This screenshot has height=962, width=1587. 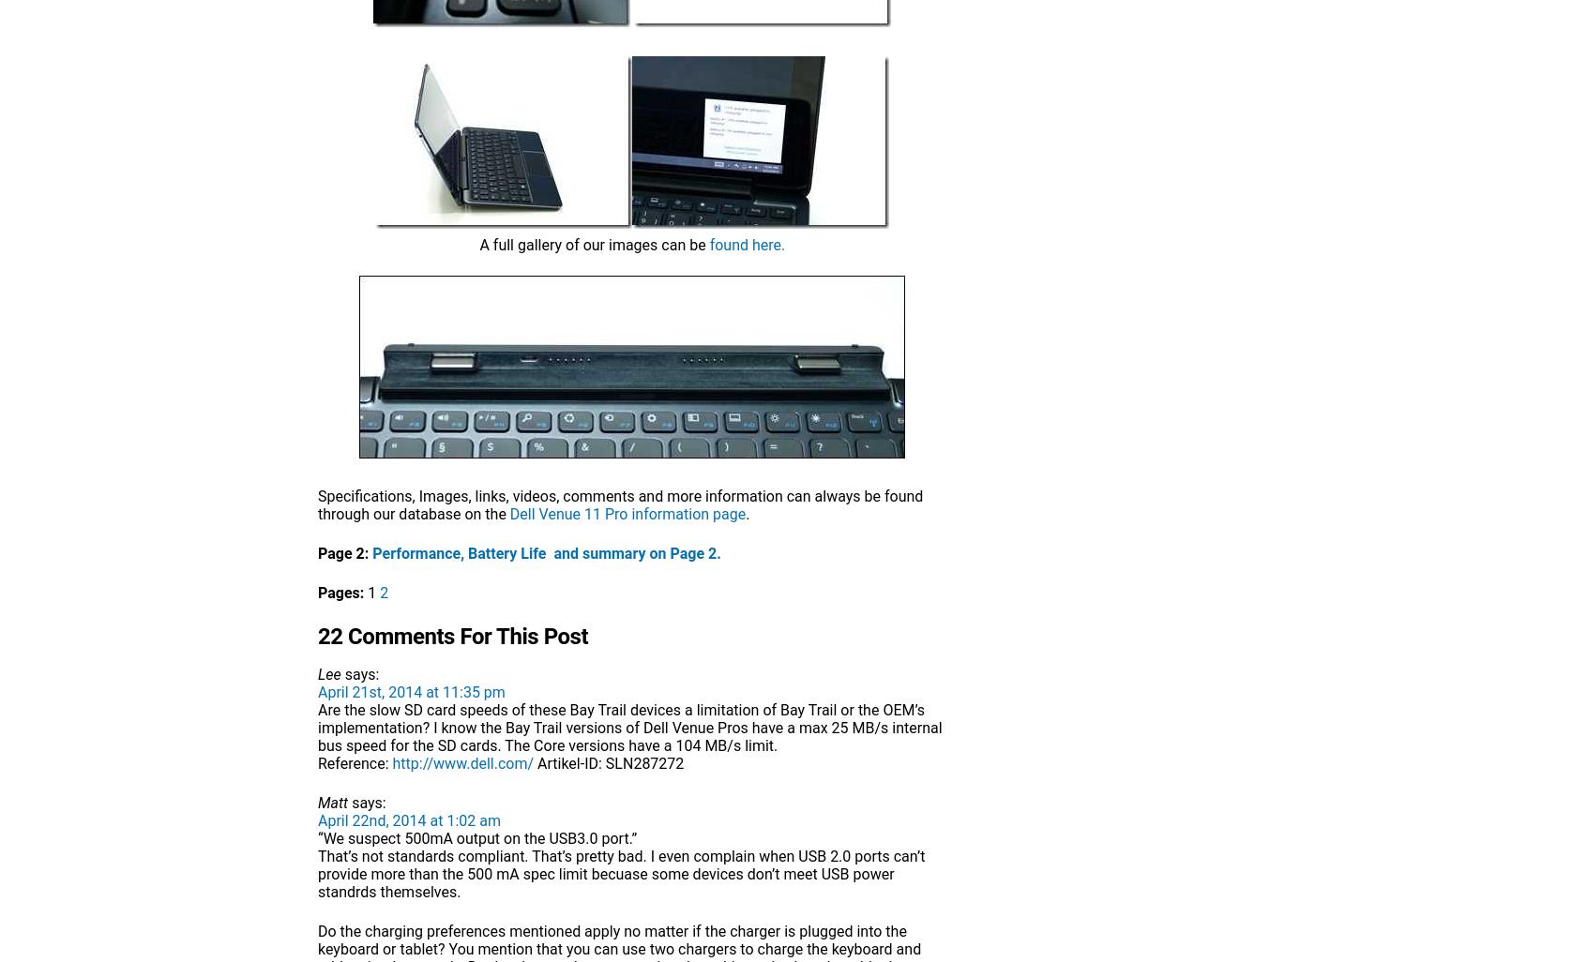 What do you see at coordinates (317, 504) in the screenshot?
I see `'Specifications, Images, links, videos, comments and more information can always be found through our database on the'` at bounding box center [317, 504].